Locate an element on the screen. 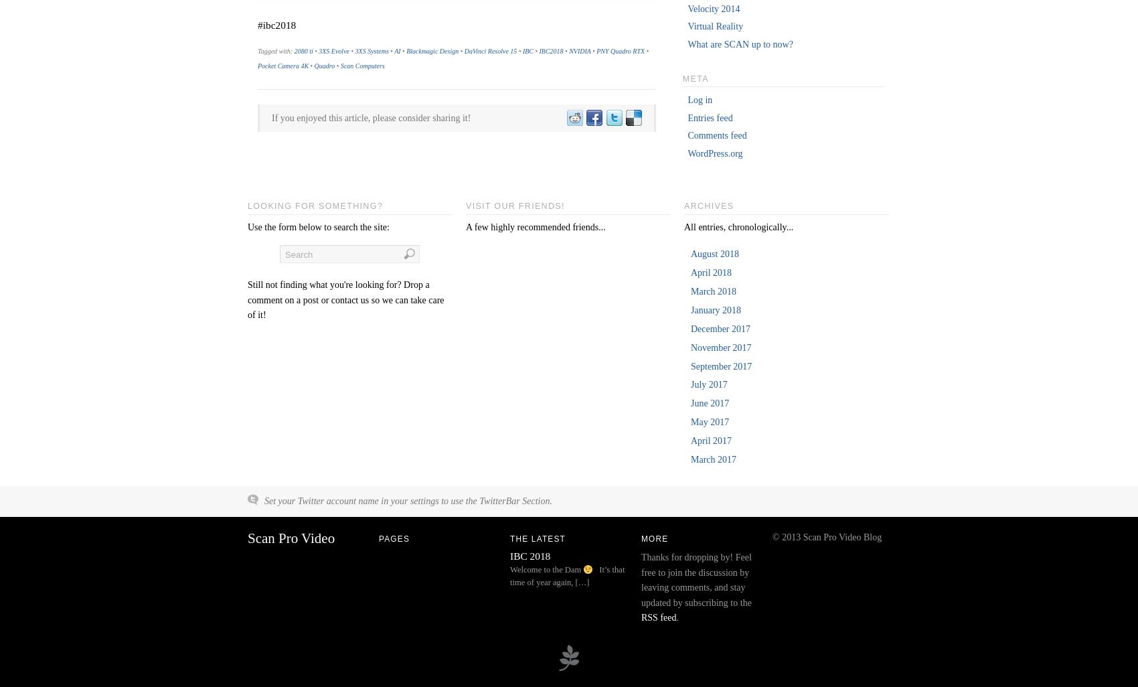 This screenshot has height=687, width=1138. 'More' is located at coordinates (654, 538).